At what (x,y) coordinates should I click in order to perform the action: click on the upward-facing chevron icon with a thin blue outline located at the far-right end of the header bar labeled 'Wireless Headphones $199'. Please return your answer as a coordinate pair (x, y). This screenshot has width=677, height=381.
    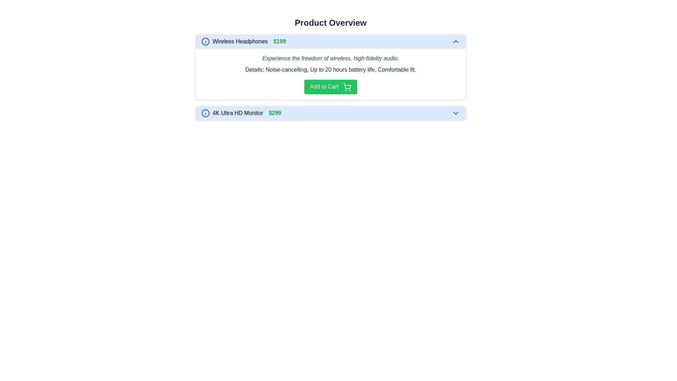
    Looking at the image, I should click on (456, 42).